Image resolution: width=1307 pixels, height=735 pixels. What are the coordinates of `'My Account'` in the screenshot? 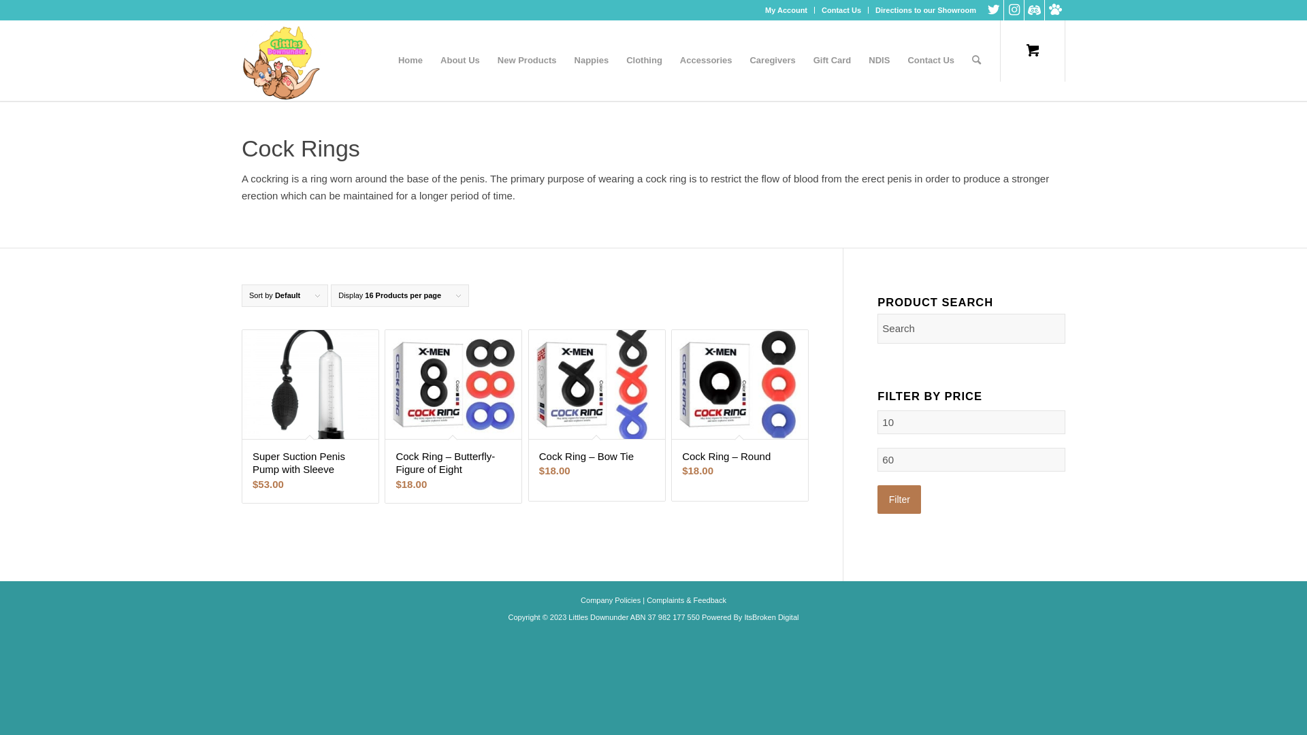 It's located at (764, 10).